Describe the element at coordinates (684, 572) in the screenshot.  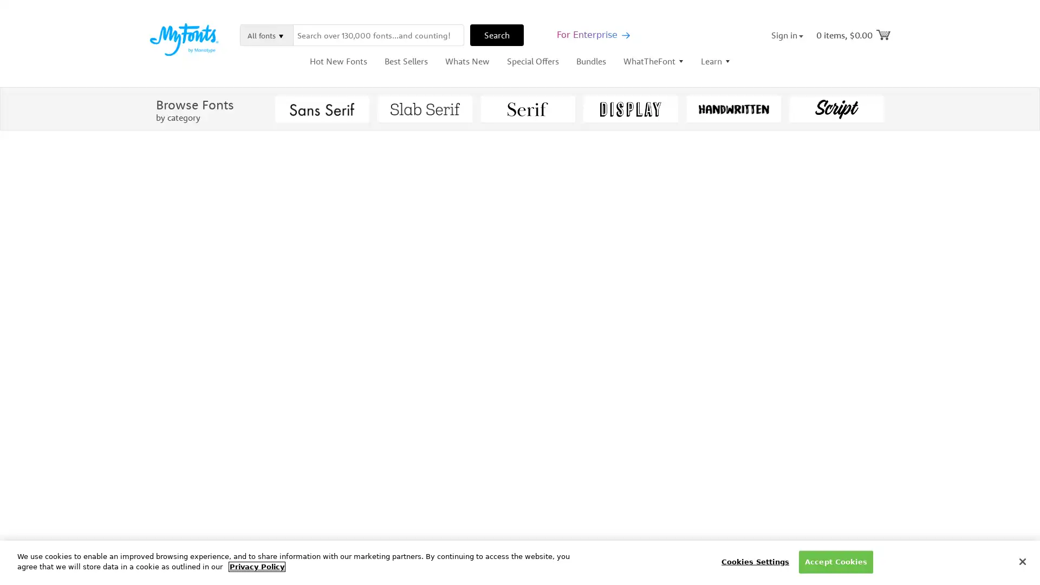
I see `Buying Choices` at that location.